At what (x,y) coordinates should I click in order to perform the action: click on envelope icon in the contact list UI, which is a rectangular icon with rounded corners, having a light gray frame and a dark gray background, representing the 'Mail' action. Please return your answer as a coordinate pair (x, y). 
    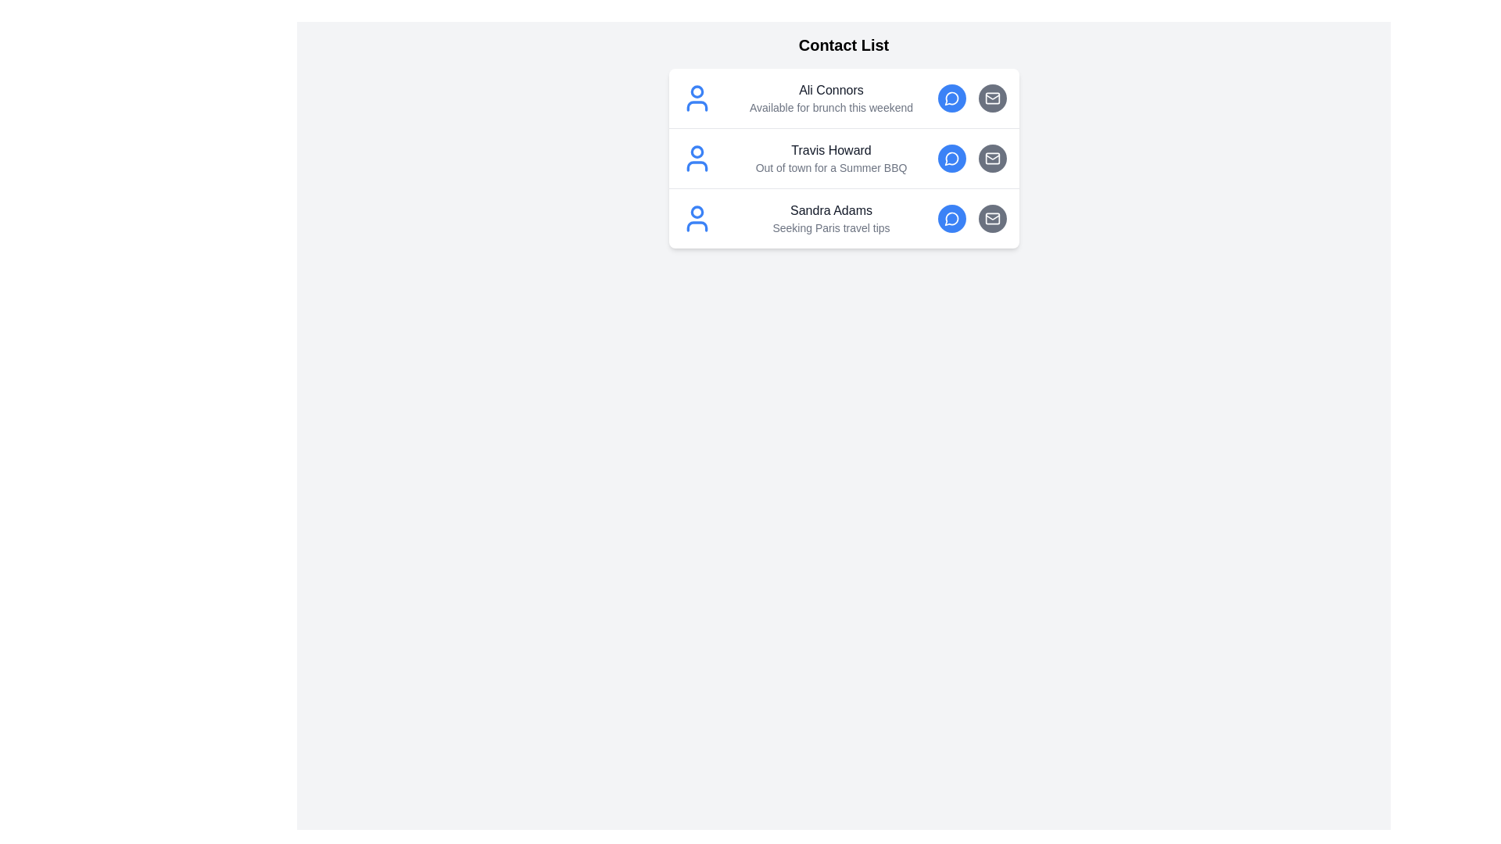
    Looking at the image, I should click on (991, 98).